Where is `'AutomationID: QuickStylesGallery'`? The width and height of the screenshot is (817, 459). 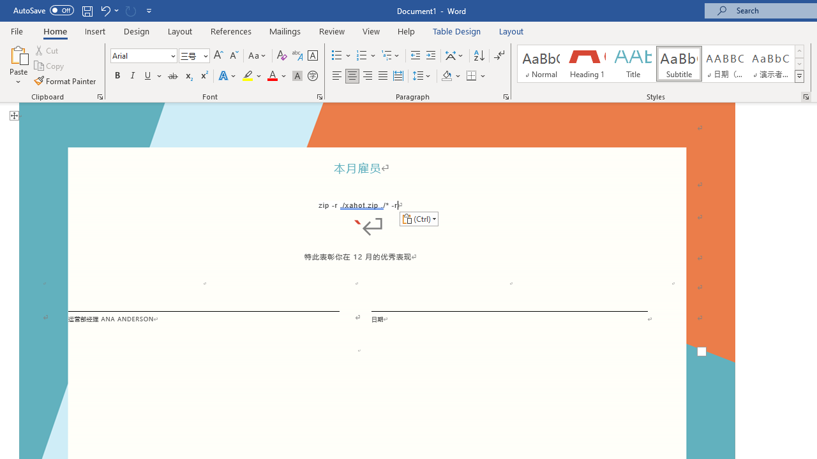
'AutomationID: QuickStylesGallery' is located at coordinates (661, 64).